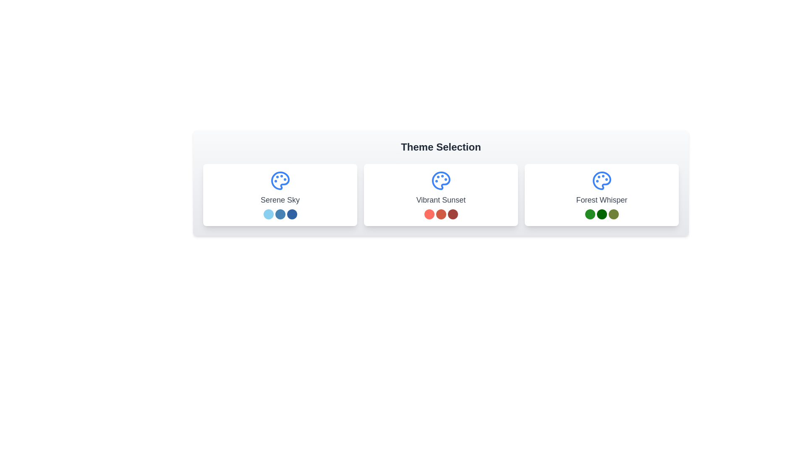  What do you see at coordinates (280, 213) in the screenshot?
I see `the steel blue circular color indicator button, which is the second circle in a horizontally aligned group of three circles below the 'Serene Sky' label` at bounding box center [280, 213].